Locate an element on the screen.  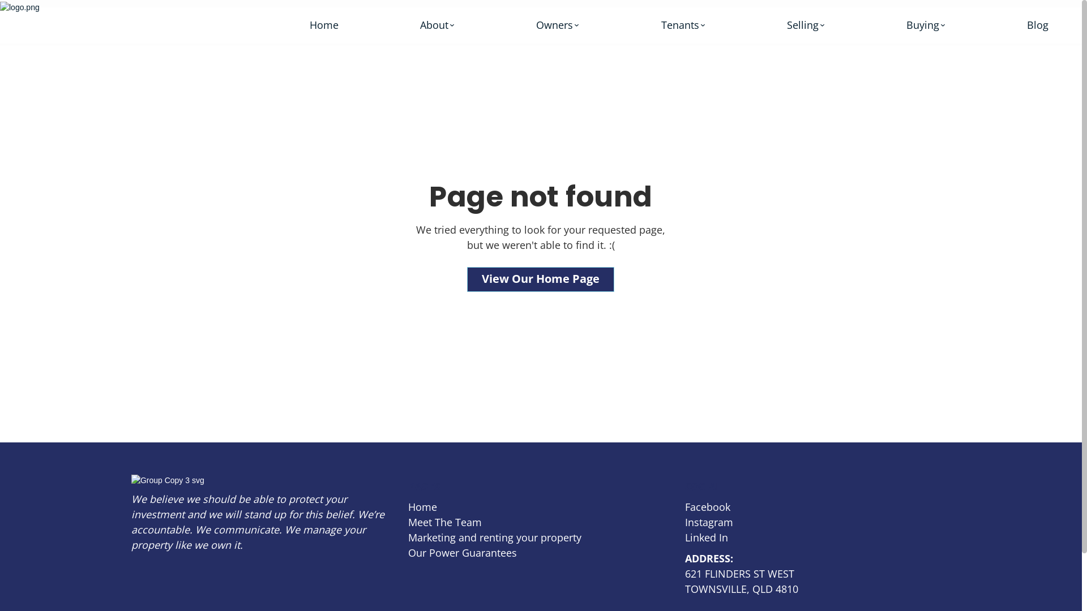
'Selling' is located at coordinates (805, 24).